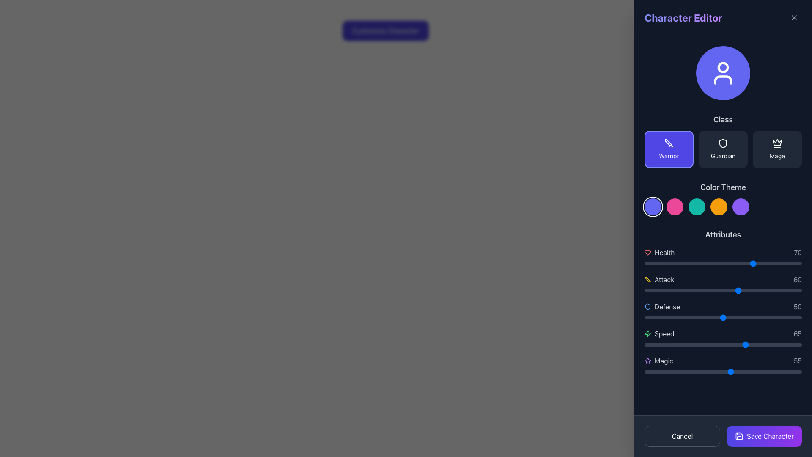  I want to click on the 'Attack' attribute slider, so click(754, 290).